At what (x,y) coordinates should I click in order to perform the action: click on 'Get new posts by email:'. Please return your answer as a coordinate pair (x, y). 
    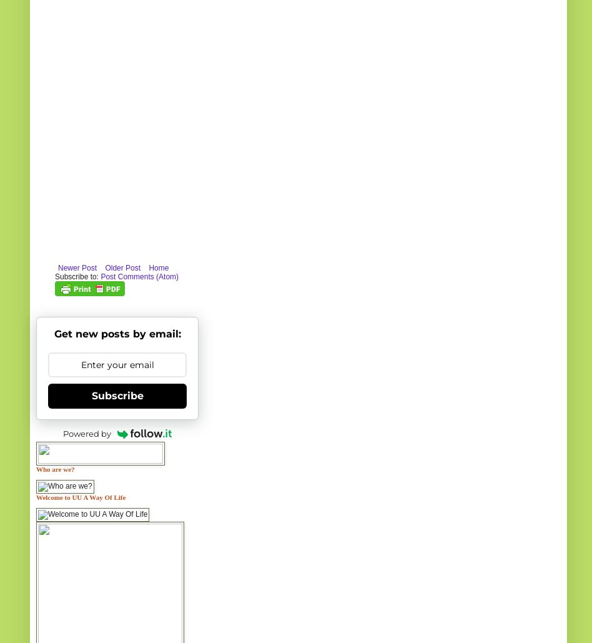
    Looking at the image, I should click on (116, 332).